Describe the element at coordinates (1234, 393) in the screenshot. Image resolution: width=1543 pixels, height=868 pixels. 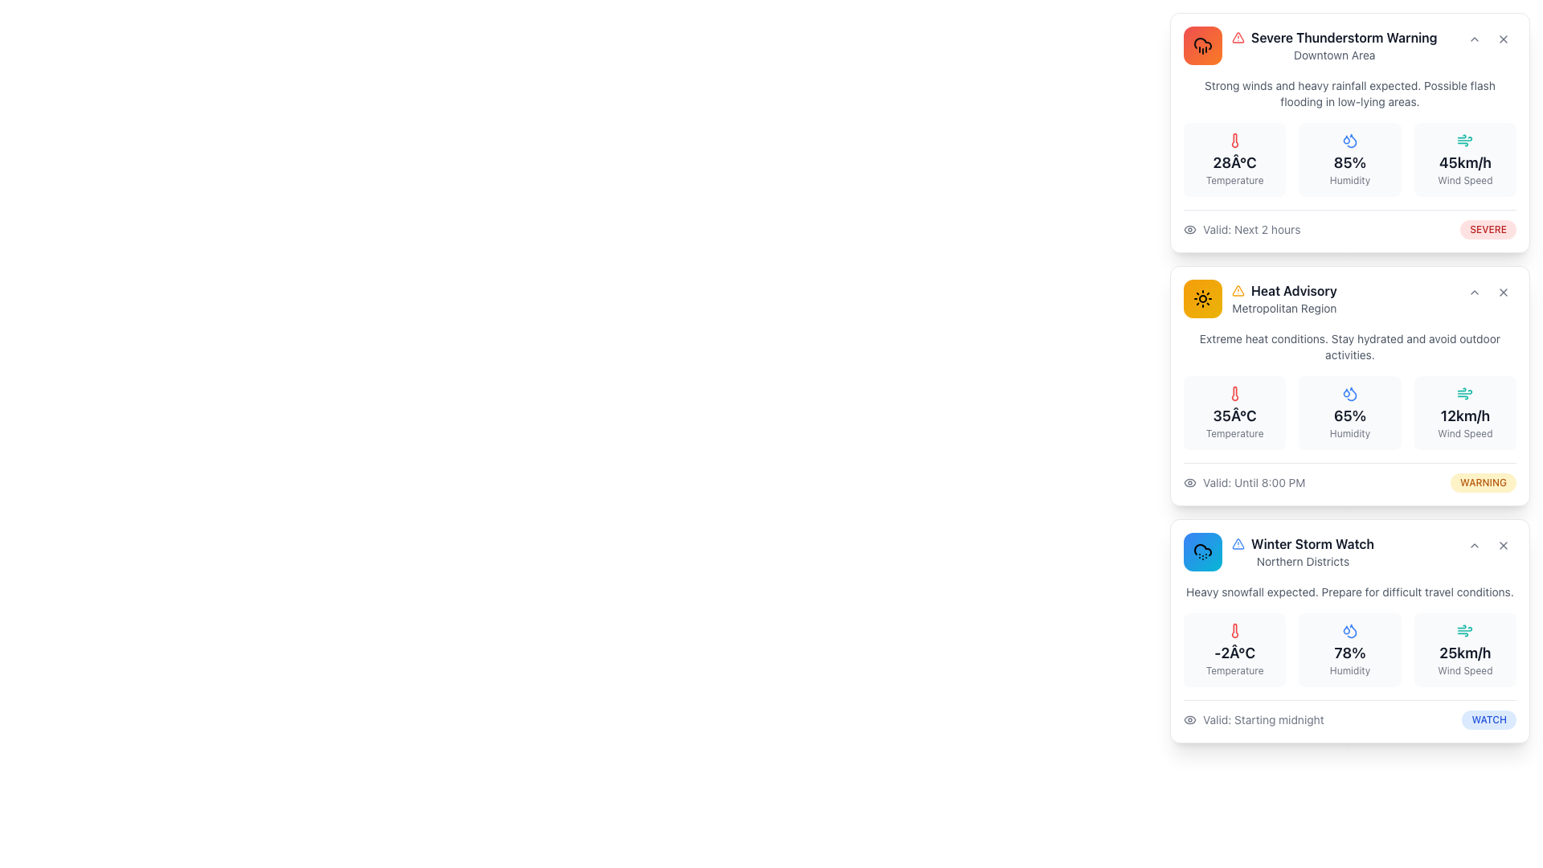
I see `the temperature icon located within the 'Heat Advisory' card, which is positioned above the numerical temperature display of 35°C` at that location.